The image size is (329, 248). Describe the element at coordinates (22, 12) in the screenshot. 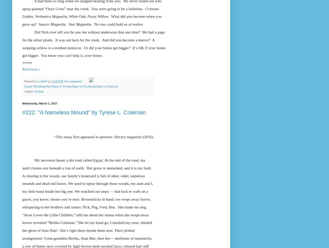

I see `'Crimean Linden, Verbanica Magnolia, White Oak, Pussy Willow.'` at that location.